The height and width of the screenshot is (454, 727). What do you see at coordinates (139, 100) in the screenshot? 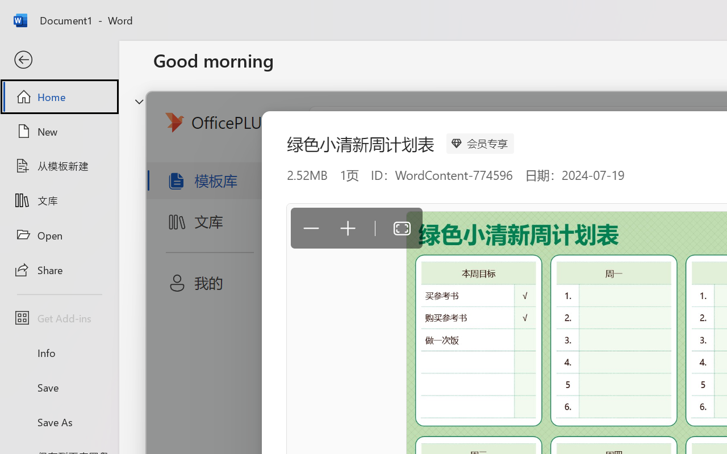
I see `'Hide or show region'` at bounding box center [139, 100].